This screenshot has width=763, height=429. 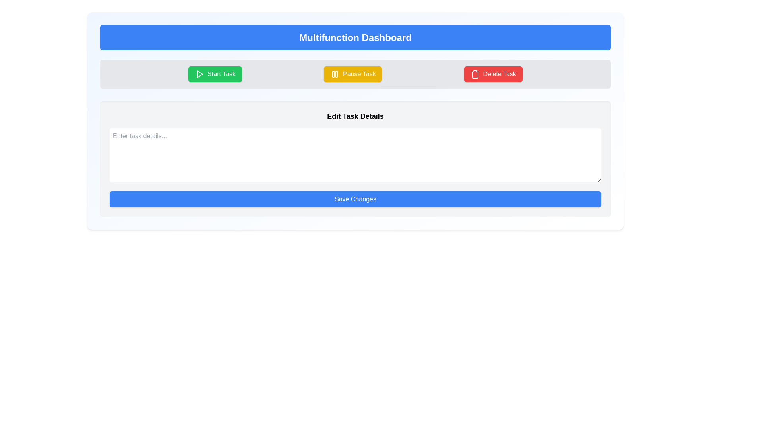 What do you see at coordinates (352, 74) in the screenshot?
I see `the 'Pause Task' button, which is a rectangular button with a golden-yellow background and white text` at bounding box center [352, 74].